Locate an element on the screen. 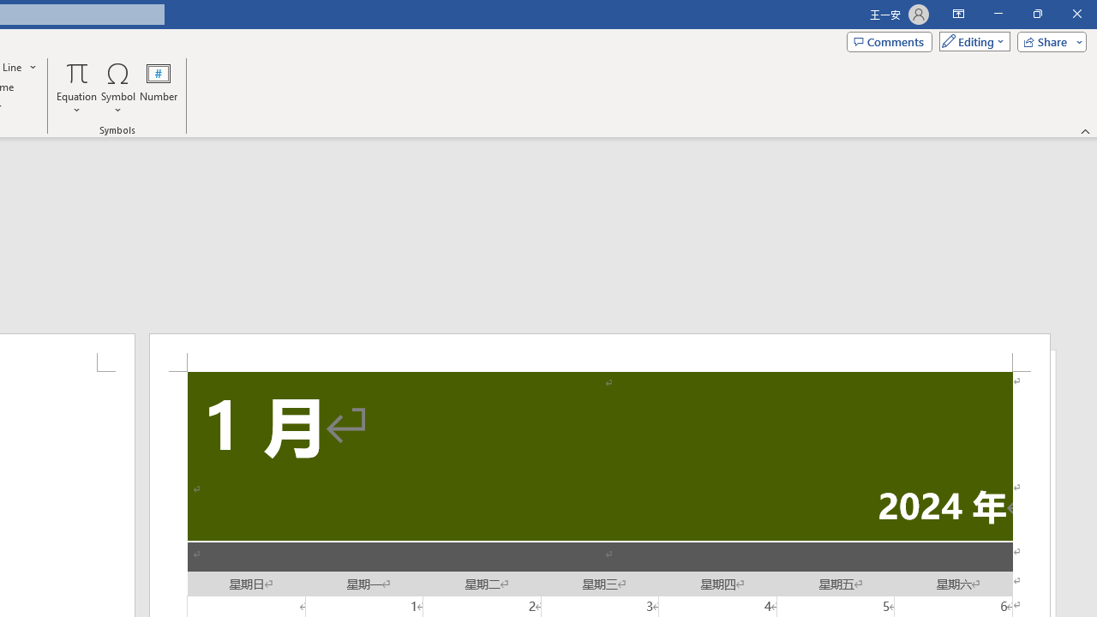 The width and height of the screenshot is (1097, 617). 'Equation' is located at coordinates (76, 88).